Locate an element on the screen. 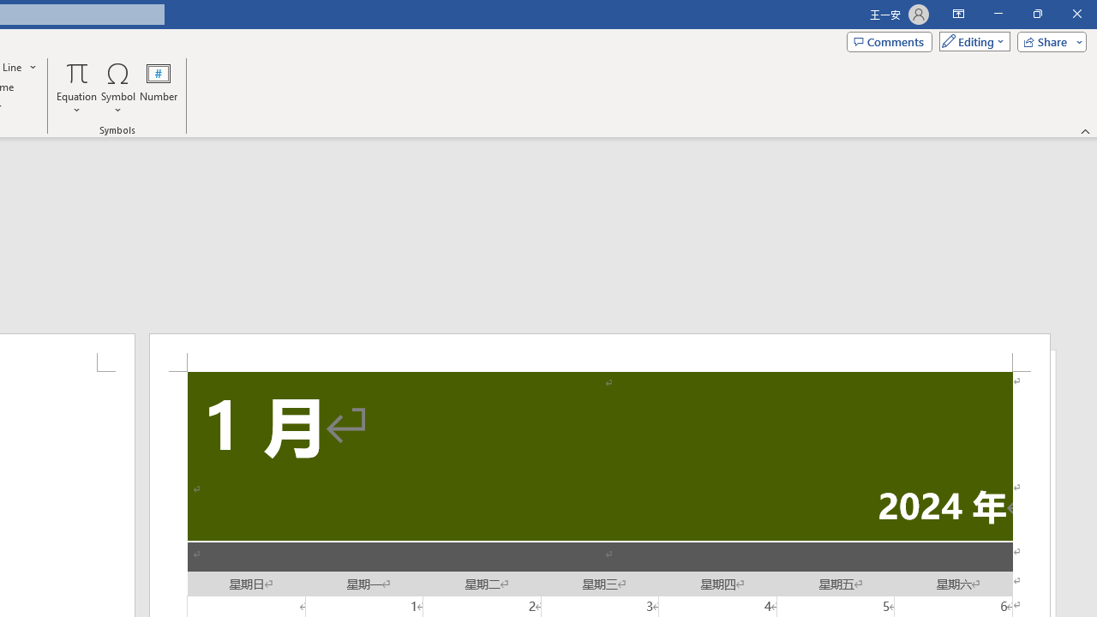 The width and height of the screenshot is (1097, 617). 'Equation' is located at coordinates (76, 88).